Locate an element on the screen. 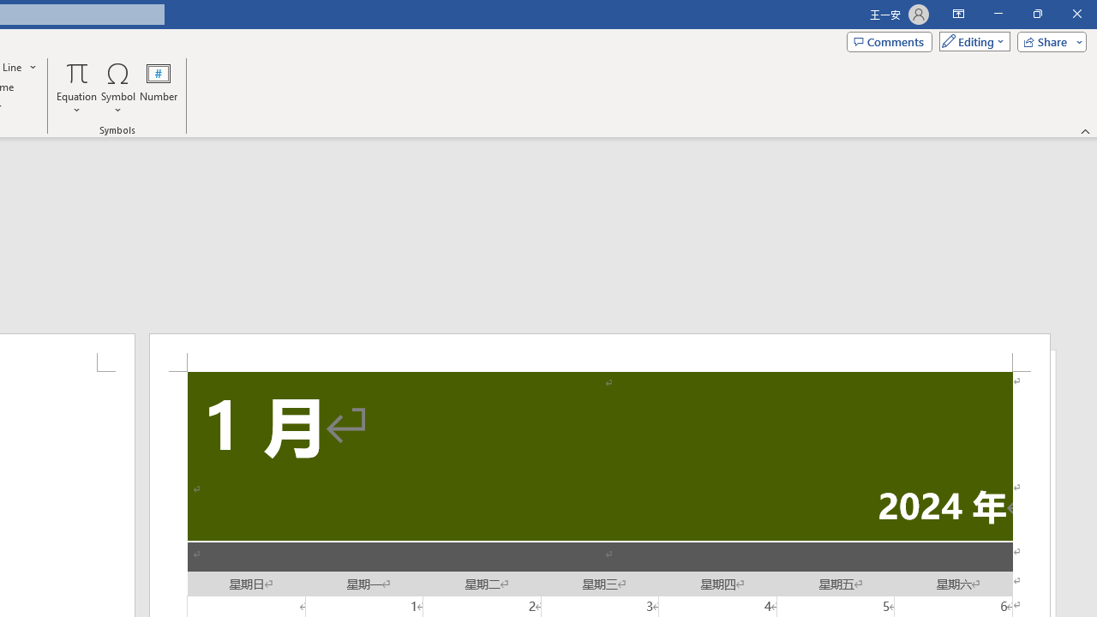 The width and height of the screenshot is (1097, 617). 'Equation' is located at coordinates (76, 88).